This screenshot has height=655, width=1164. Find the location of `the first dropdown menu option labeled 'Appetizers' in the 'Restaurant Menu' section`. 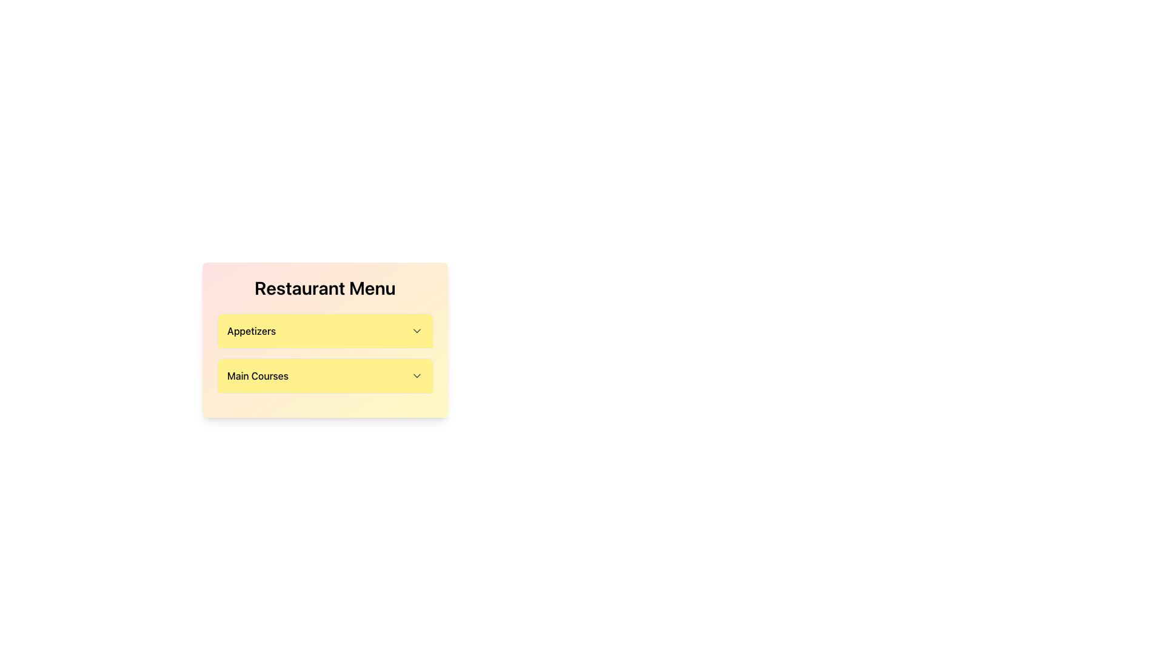

the first dropdown menu option labeled 'Appetizers' in the 'Restaurant Menu' section is located at coordinates (325, 340).